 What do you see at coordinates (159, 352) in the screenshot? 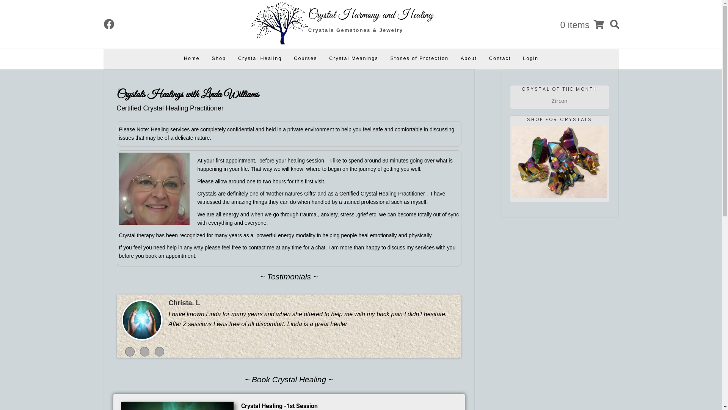
I see `'3'` at bounding box center [159, 352].